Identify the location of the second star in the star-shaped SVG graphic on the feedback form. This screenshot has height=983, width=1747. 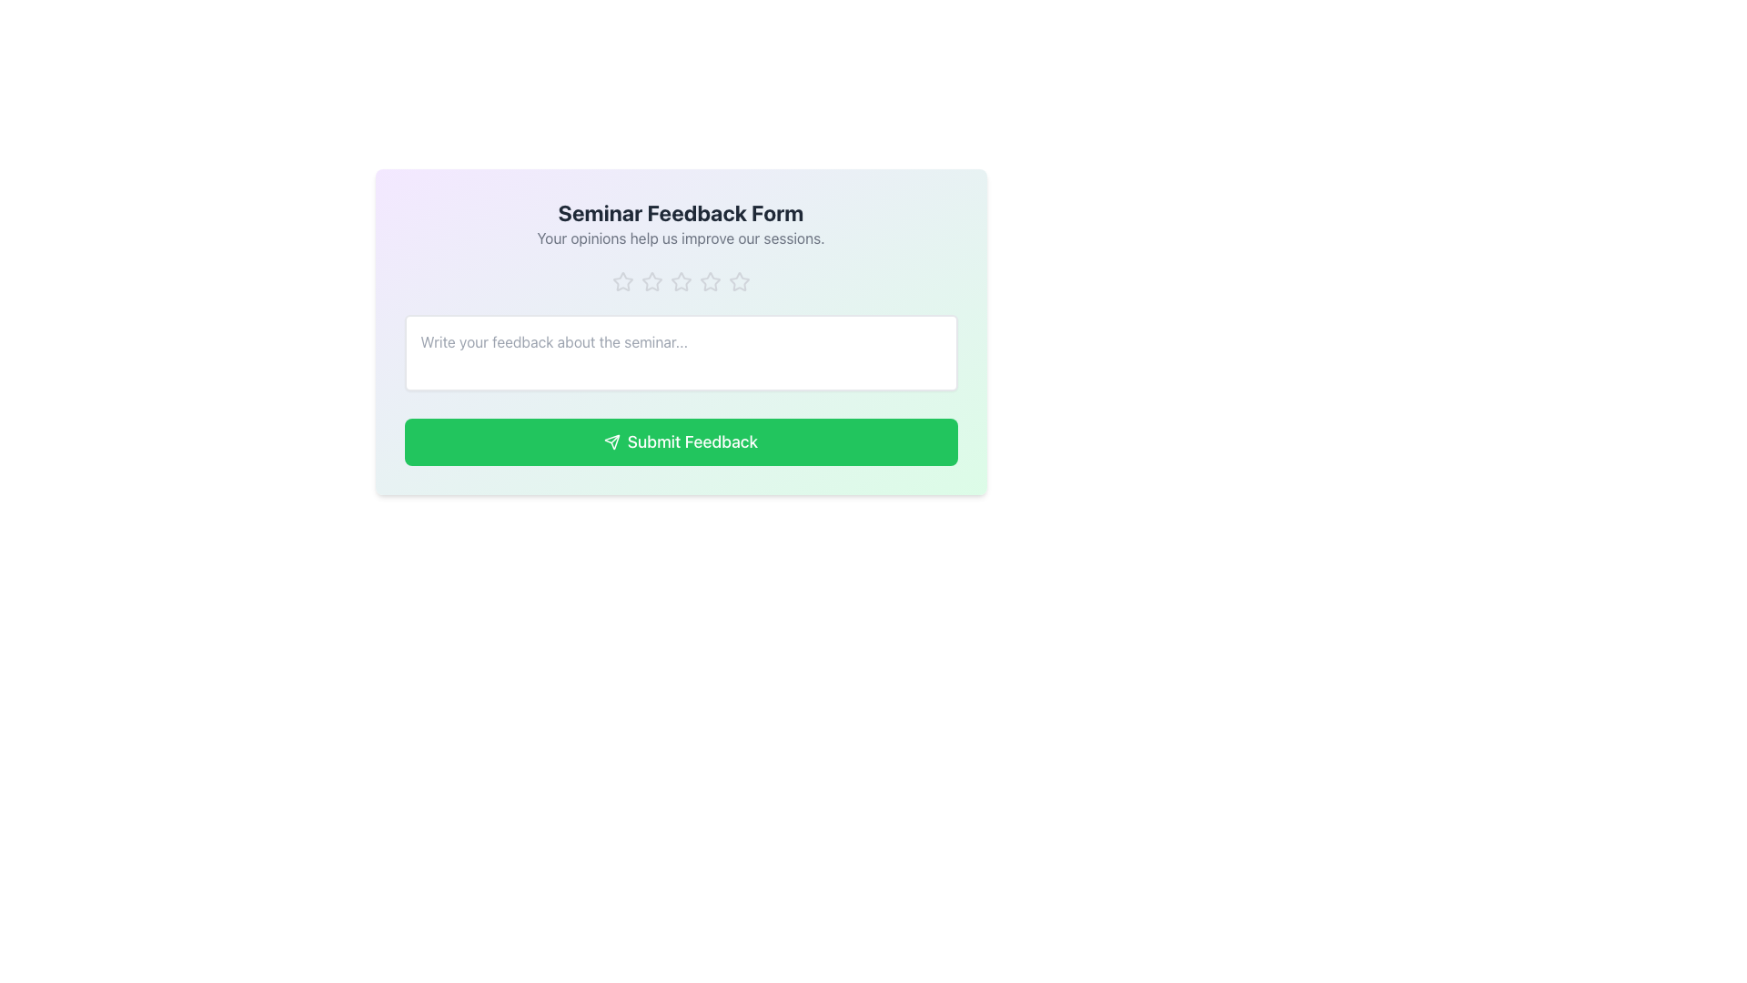
(651, 281).